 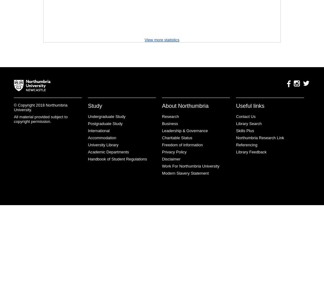 What do you see at coordinates (248, 124) in the screenshot?
I see `'Library Search'` at bounding box center [248, 124].